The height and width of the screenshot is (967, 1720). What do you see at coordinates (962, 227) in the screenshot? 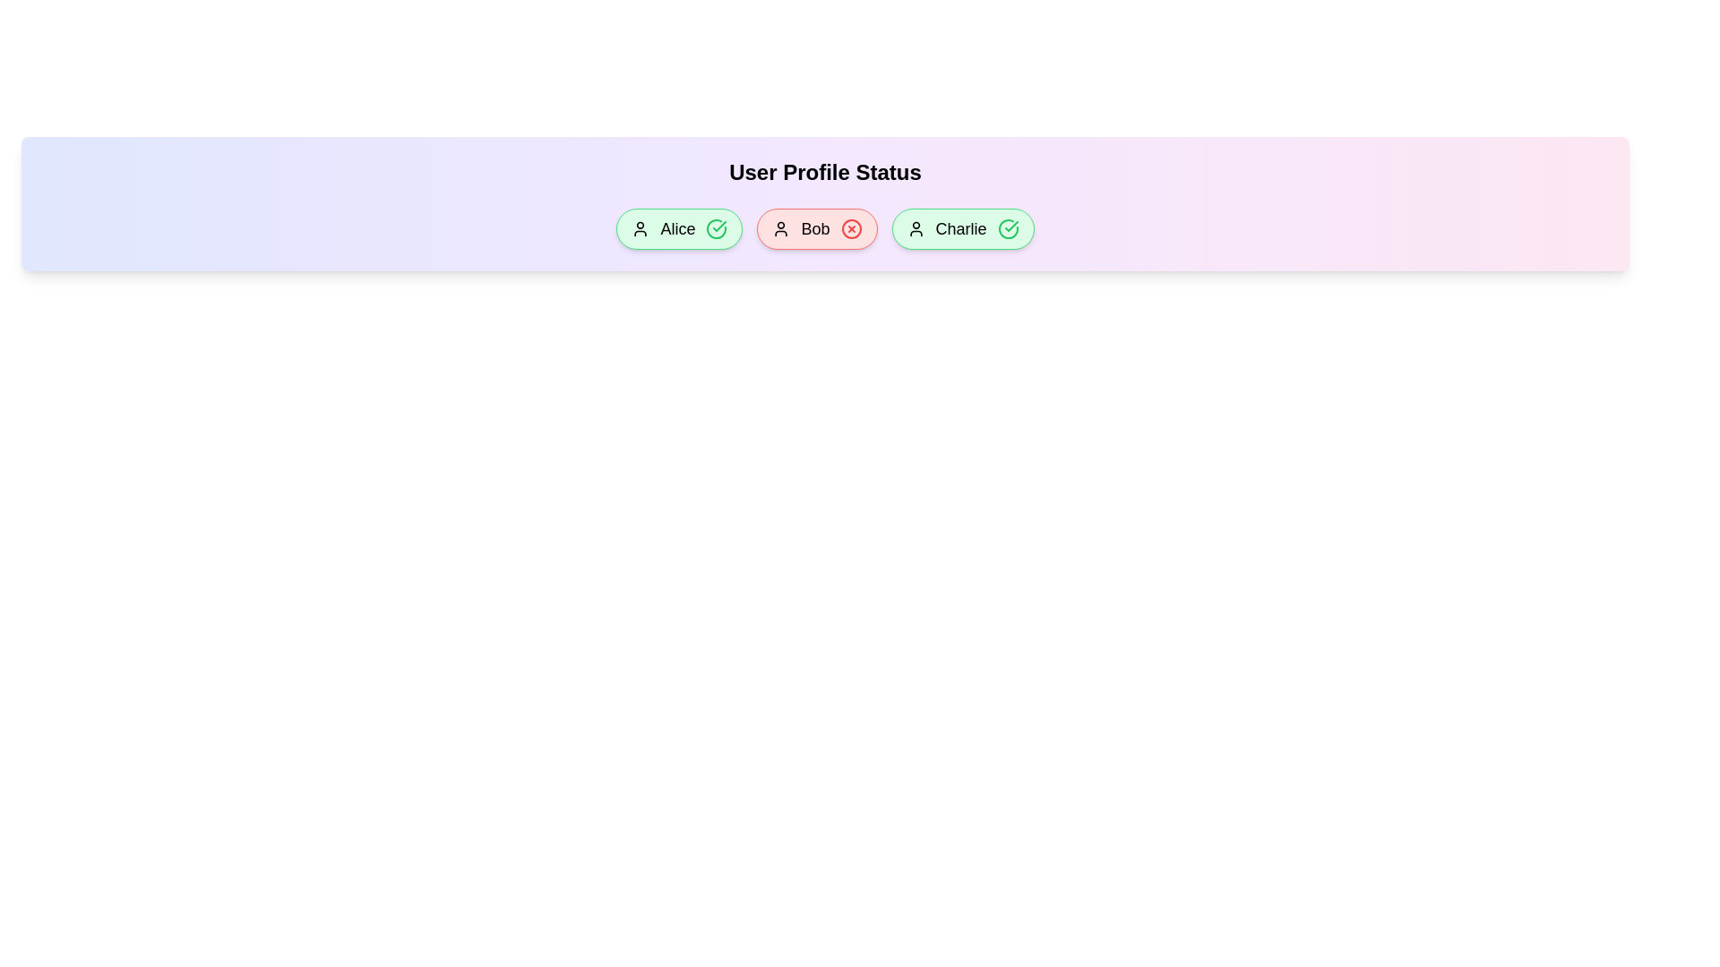
I see `the profile chip corresponding to Charlie to toggle its active status` at bounding box center [962, 227].